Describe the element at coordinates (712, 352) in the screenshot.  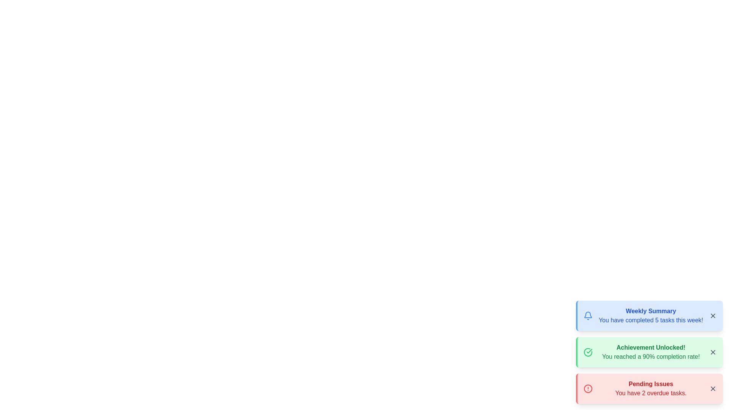
I see `dismiss button of the notification with the title Achievement Unlocked!` at that location.